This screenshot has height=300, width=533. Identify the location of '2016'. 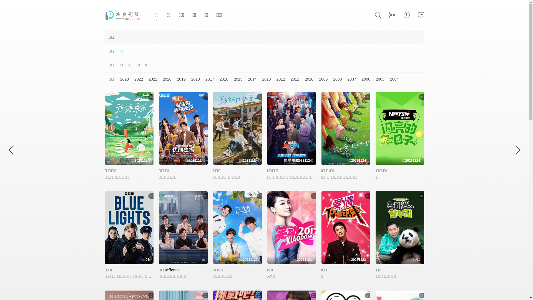
(221, 79).